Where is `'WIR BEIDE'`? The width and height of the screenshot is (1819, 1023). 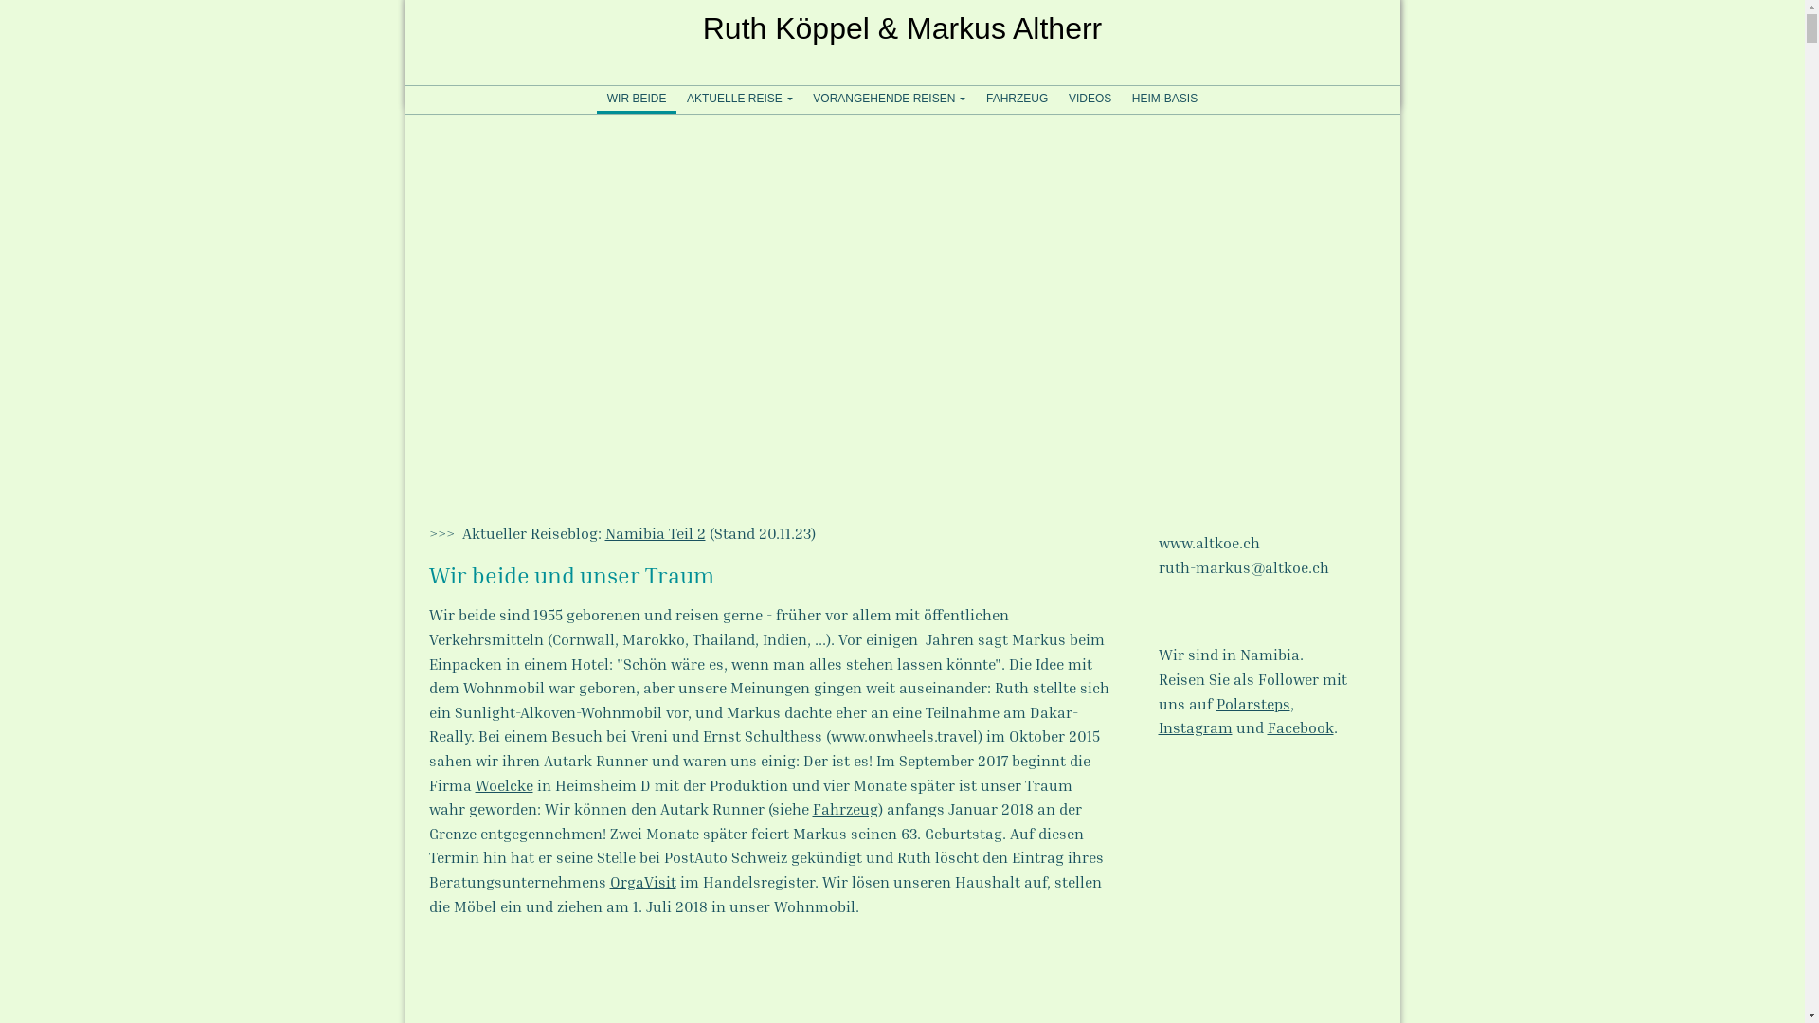 'WIR BEIDE' is located at coordinates (595, 99).